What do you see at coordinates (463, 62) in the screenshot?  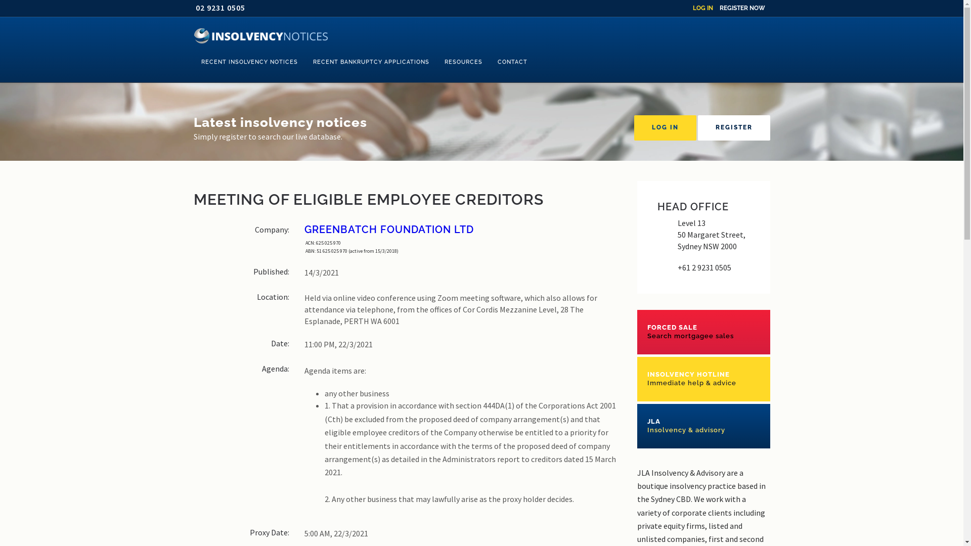 I see `'RESOURCES'` at bounding box center [463, 62].